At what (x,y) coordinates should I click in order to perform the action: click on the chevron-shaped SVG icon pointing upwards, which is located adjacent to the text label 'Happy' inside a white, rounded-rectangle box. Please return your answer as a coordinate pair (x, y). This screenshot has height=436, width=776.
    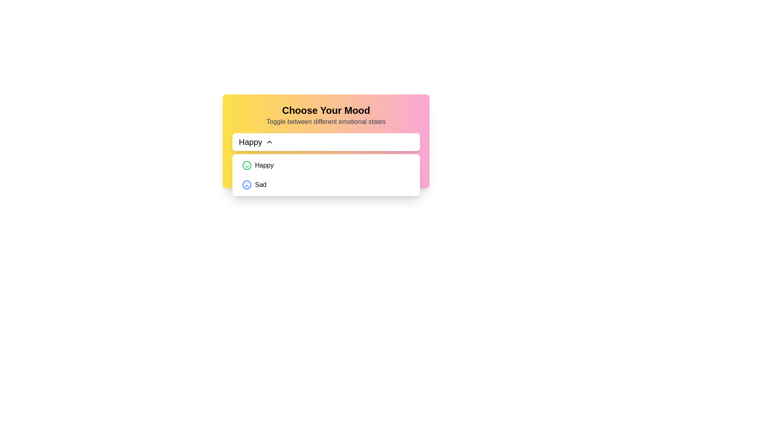
    Looking at the image, I should click on (269, 141).